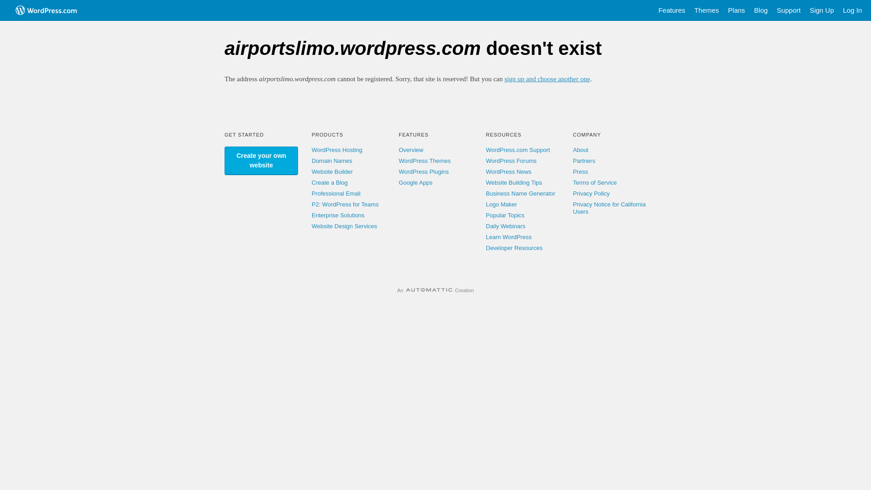 Image resolution: width=871 pixels, height=490 pixels. What do you see at coordinates (723, 10) in the screenshot?
I see `'Plans'` at bounding box center [723, 10].